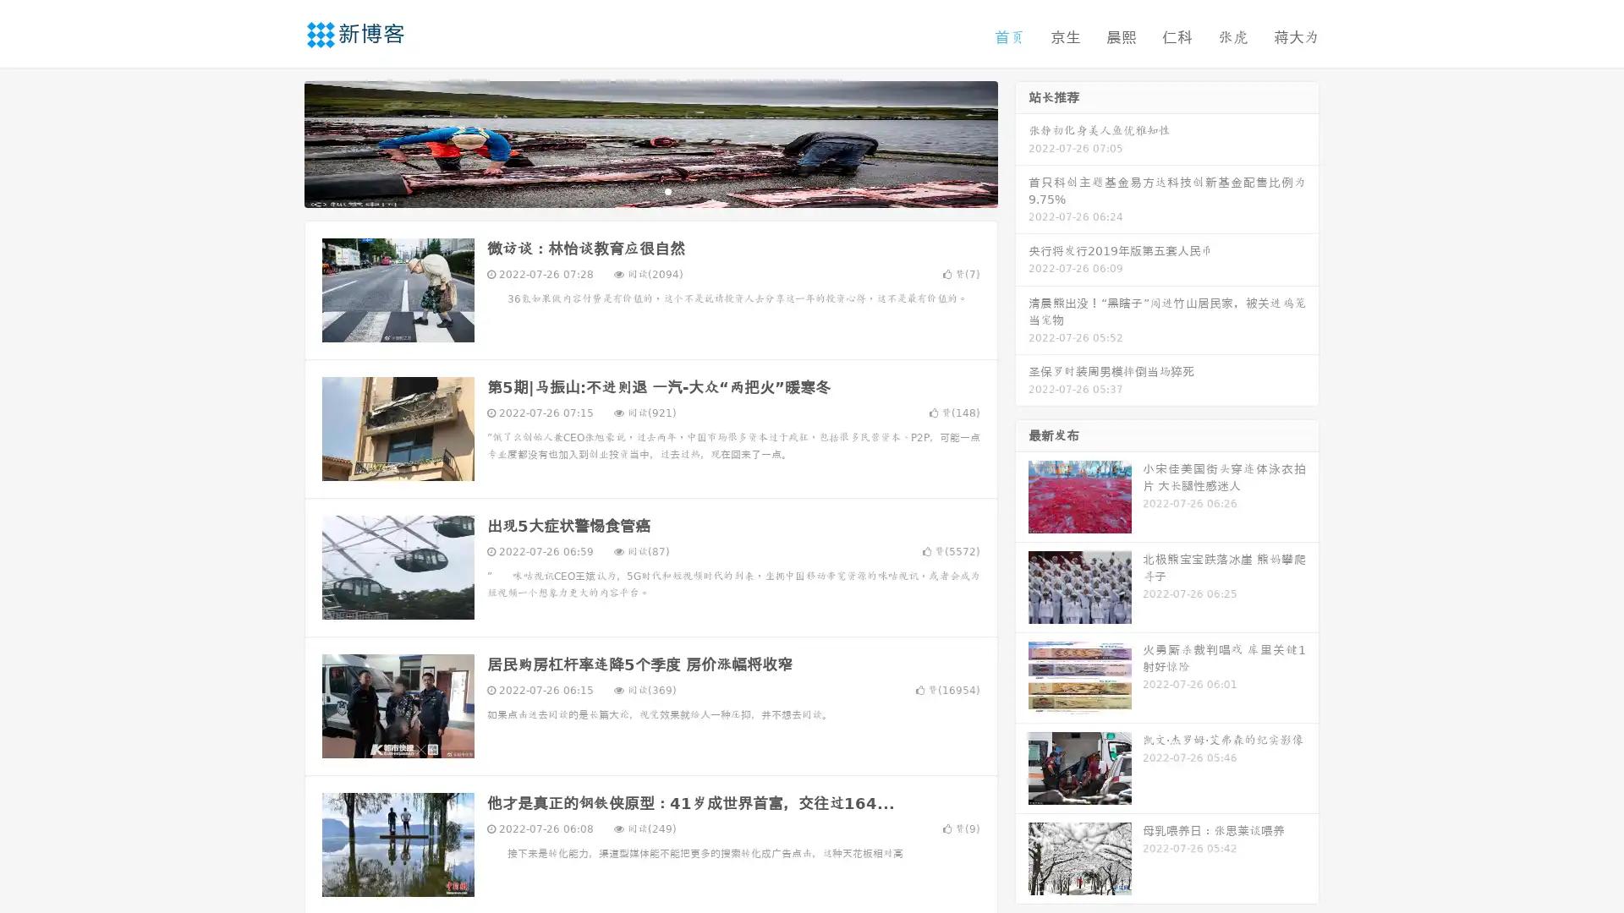 The height and width of the screenshot is (913, 1624). I want to click on Go to slide 3, so click(667, 190).